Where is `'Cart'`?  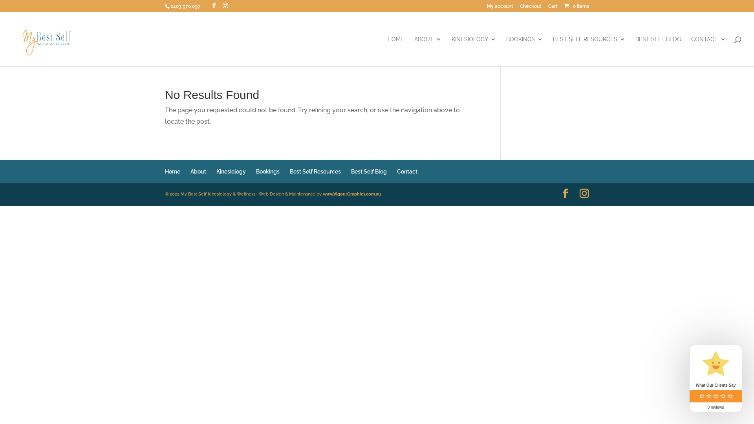
'Cart' is located at coordinates (552, 8).